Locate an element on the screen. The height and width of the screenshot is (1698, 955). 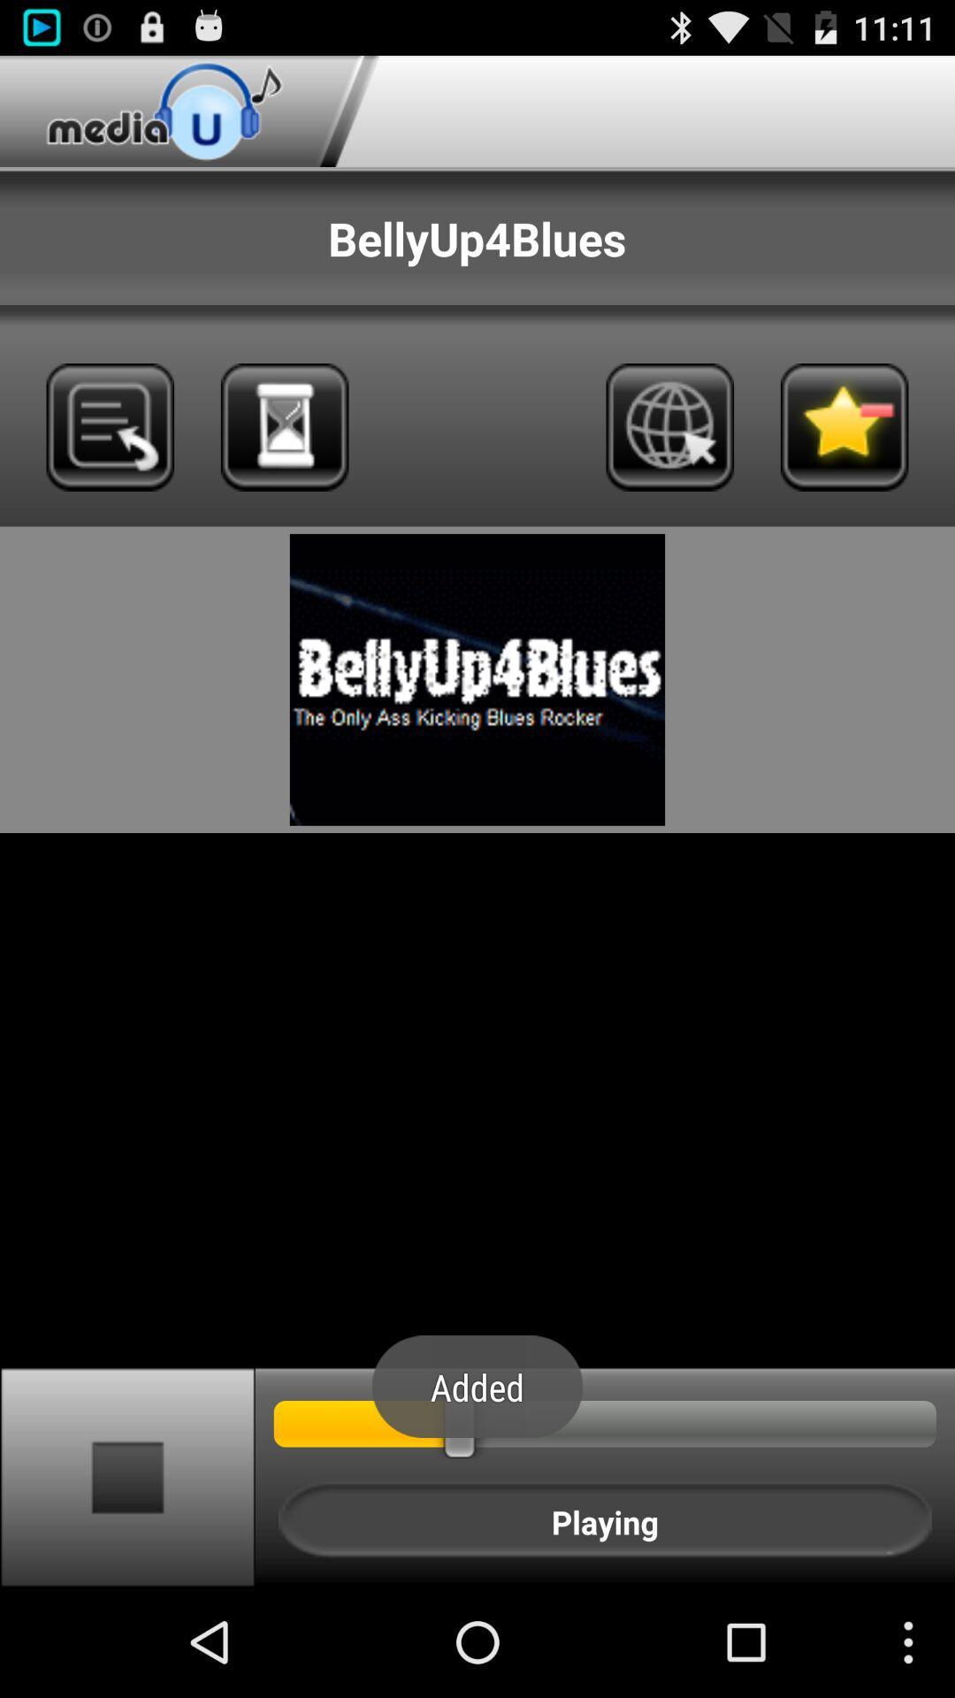
switch autoplay option is located at coordinates (126, 1476).